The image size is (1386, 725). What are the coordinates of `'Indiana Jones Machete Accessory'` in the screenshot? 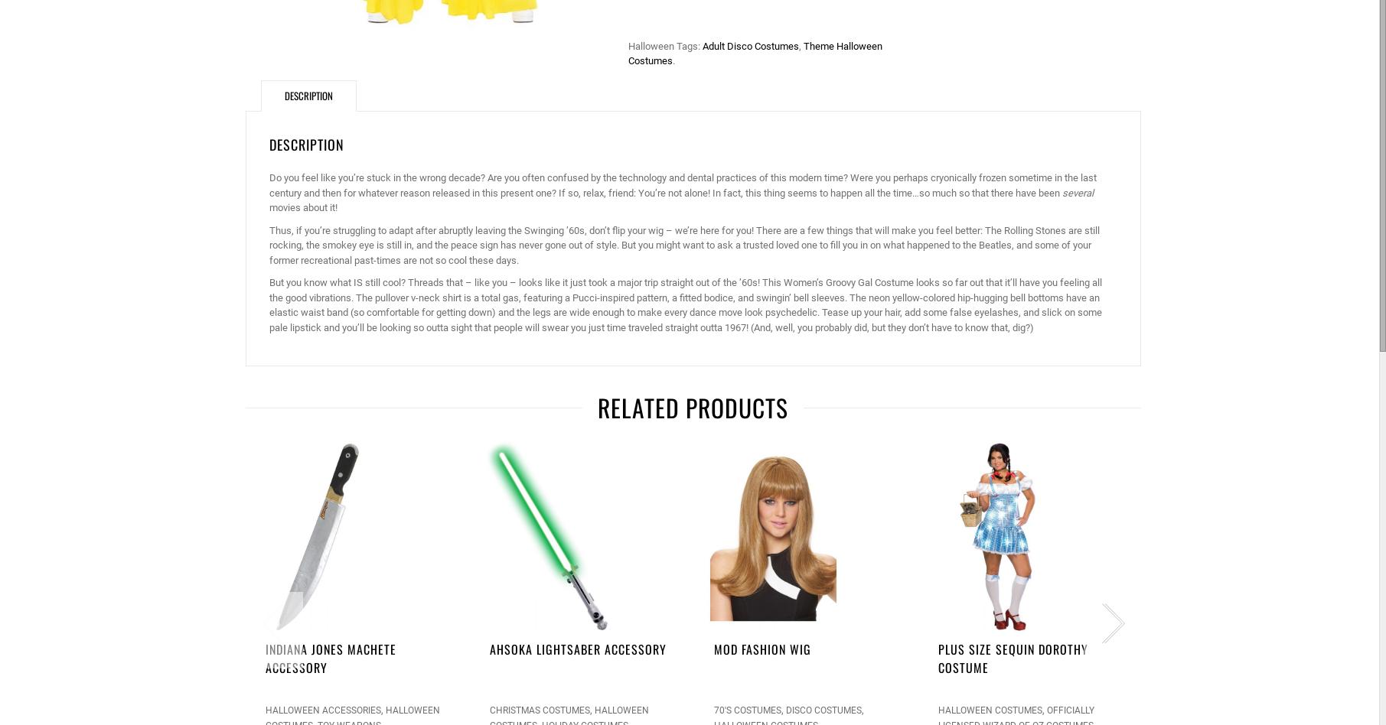 It's located at (330, 657).